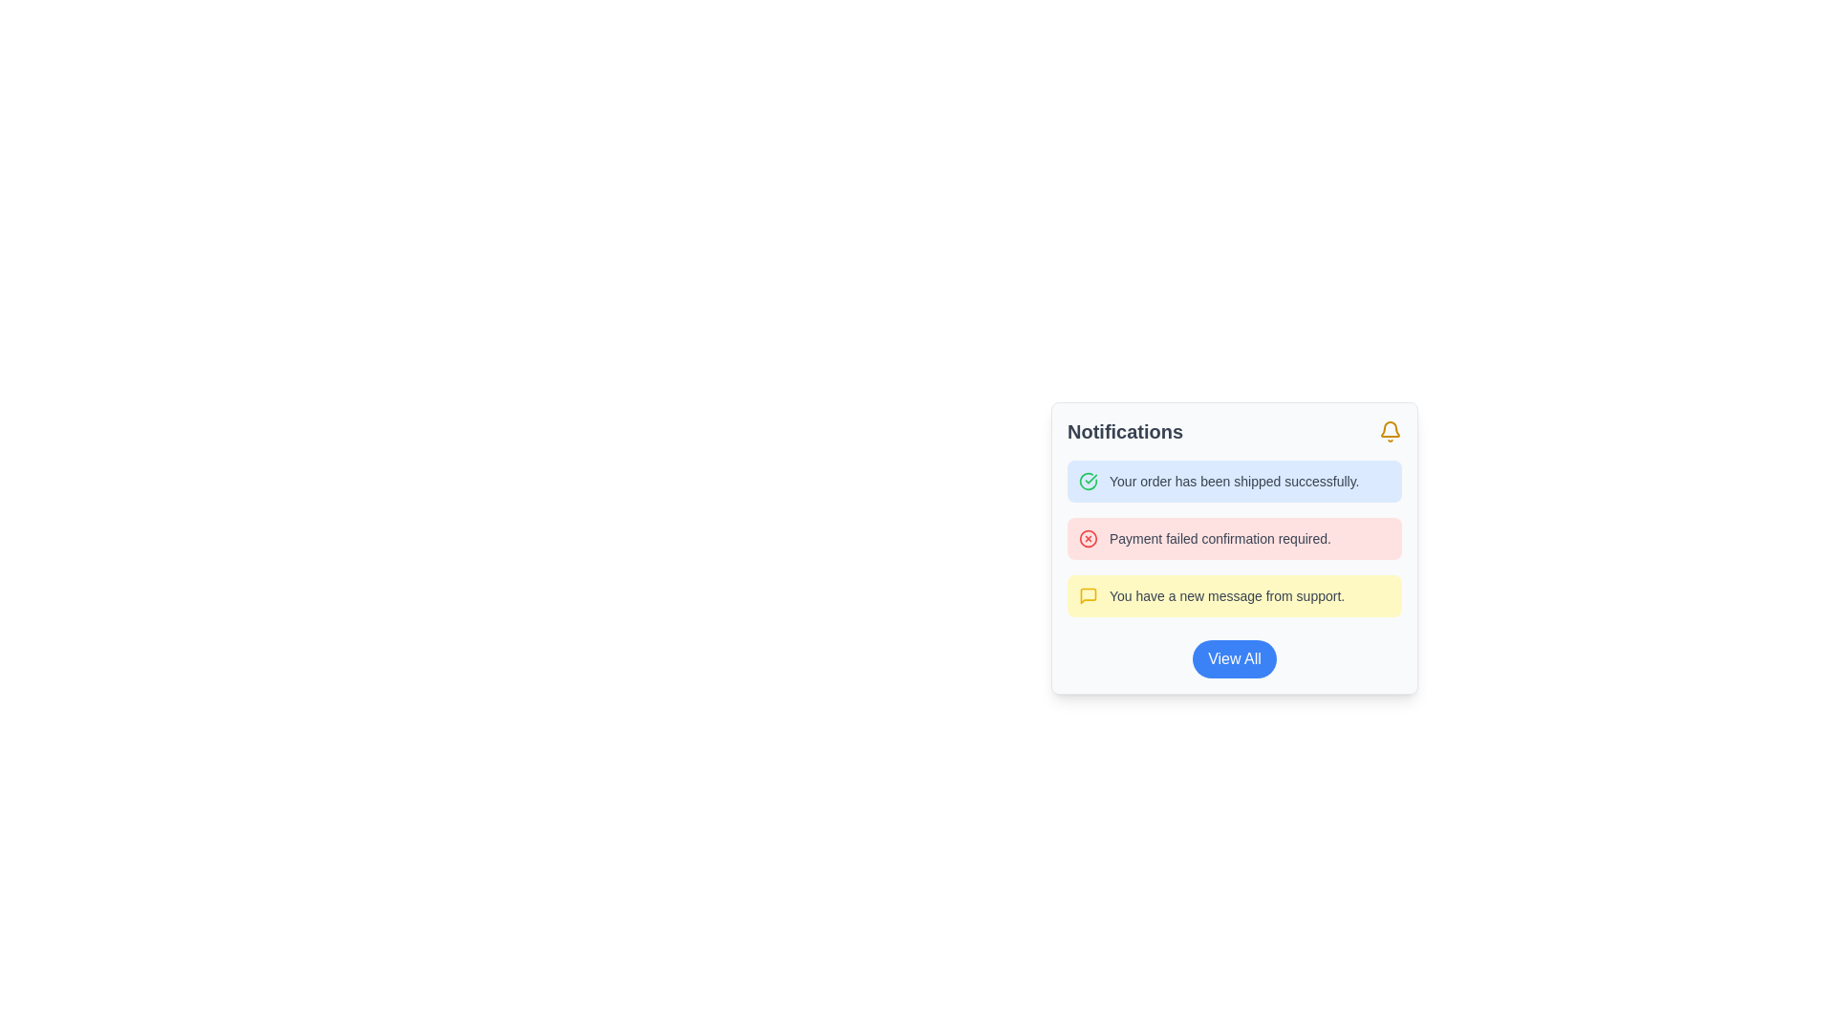  I want to click on the Notification card that informs the user about the successful shipment of an order, which is the first notification in the stack, so click(1234, 481).